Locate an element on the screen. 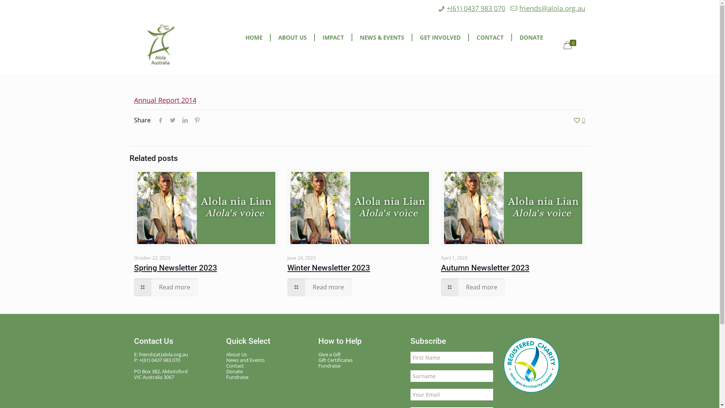  '0' is located at coordinates (571, 45).